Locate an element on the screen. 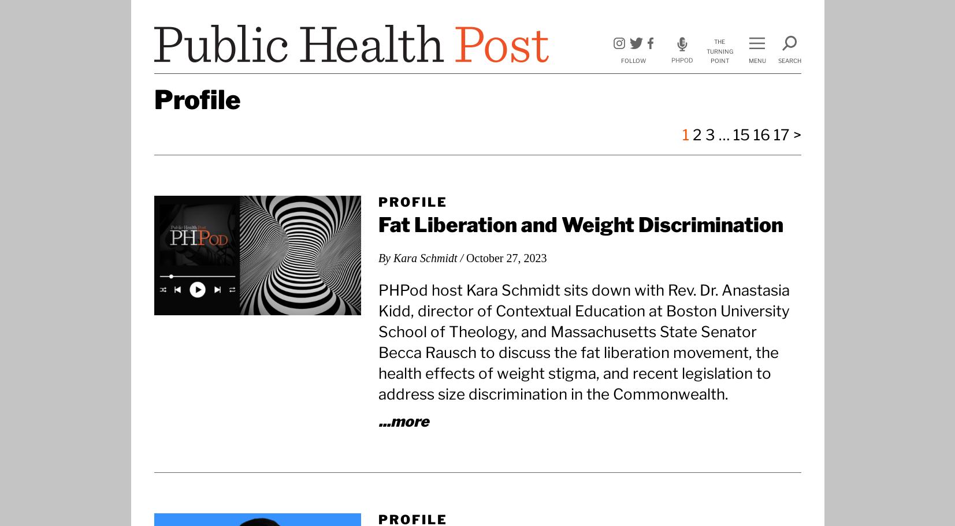  'MENU' is located at coordinates (757, 61).